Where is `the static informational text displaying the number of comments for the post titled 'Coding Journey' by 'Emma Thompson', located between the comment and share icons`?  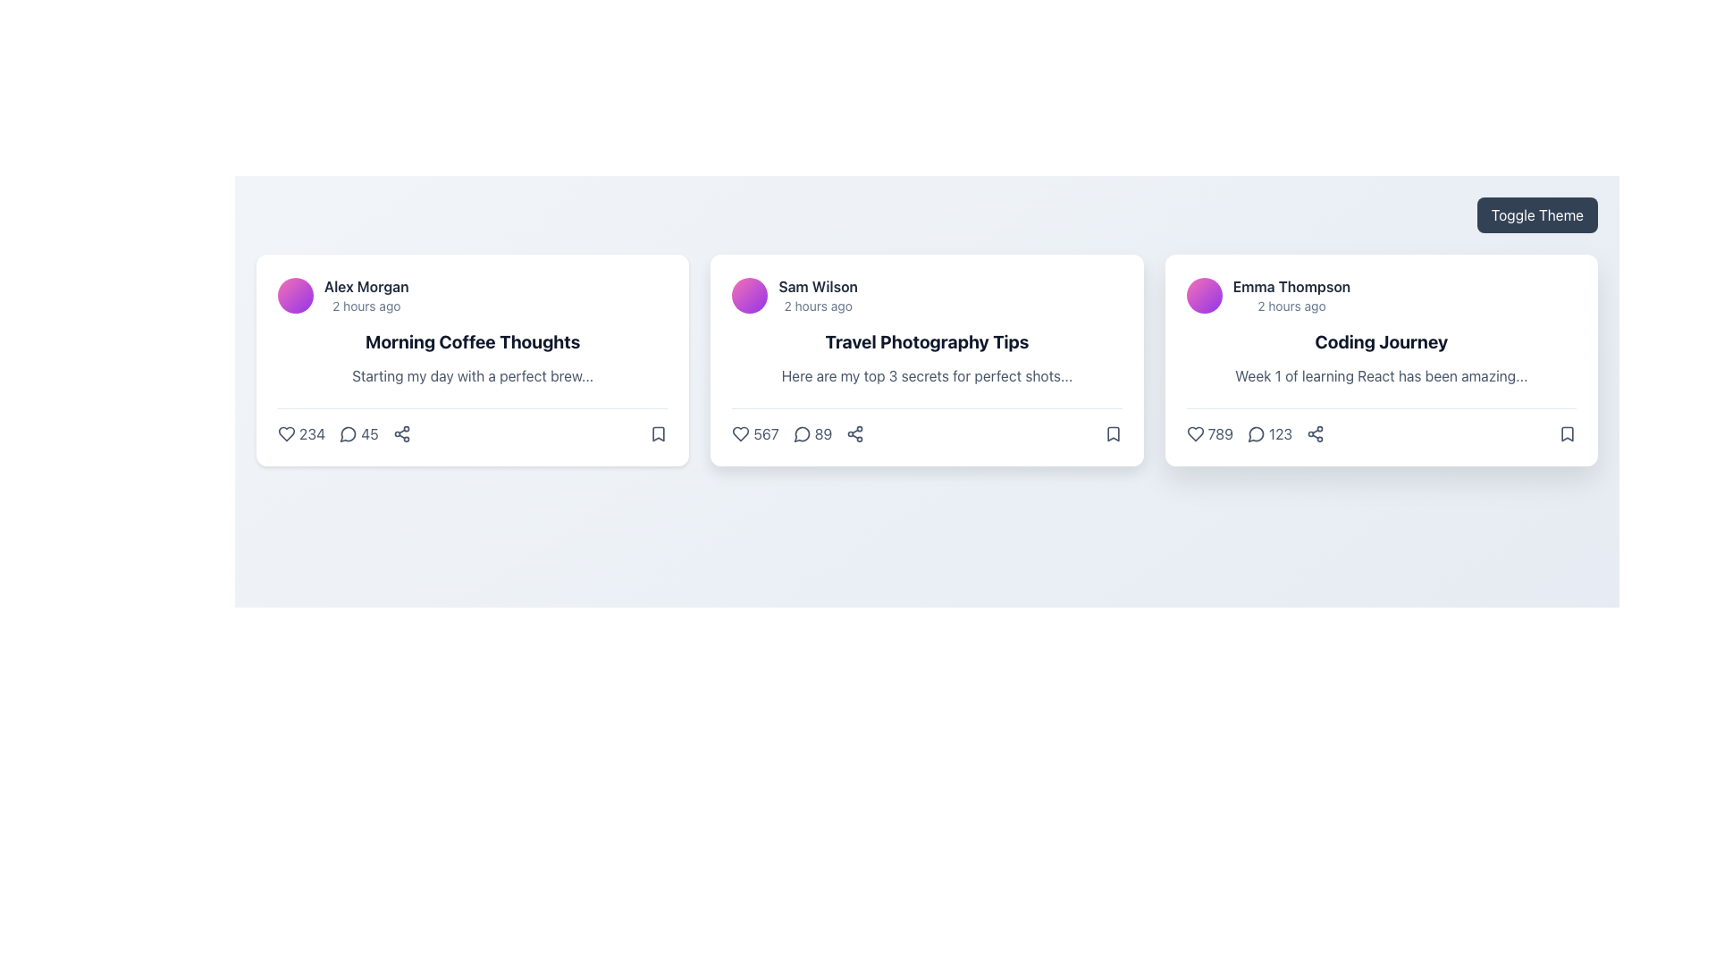 the static informational text displaying the number of comments for the post titled 'Coding Journey' by 'Emma Thompson', located between the comment and share icons is located at coordinates (1280, 434).